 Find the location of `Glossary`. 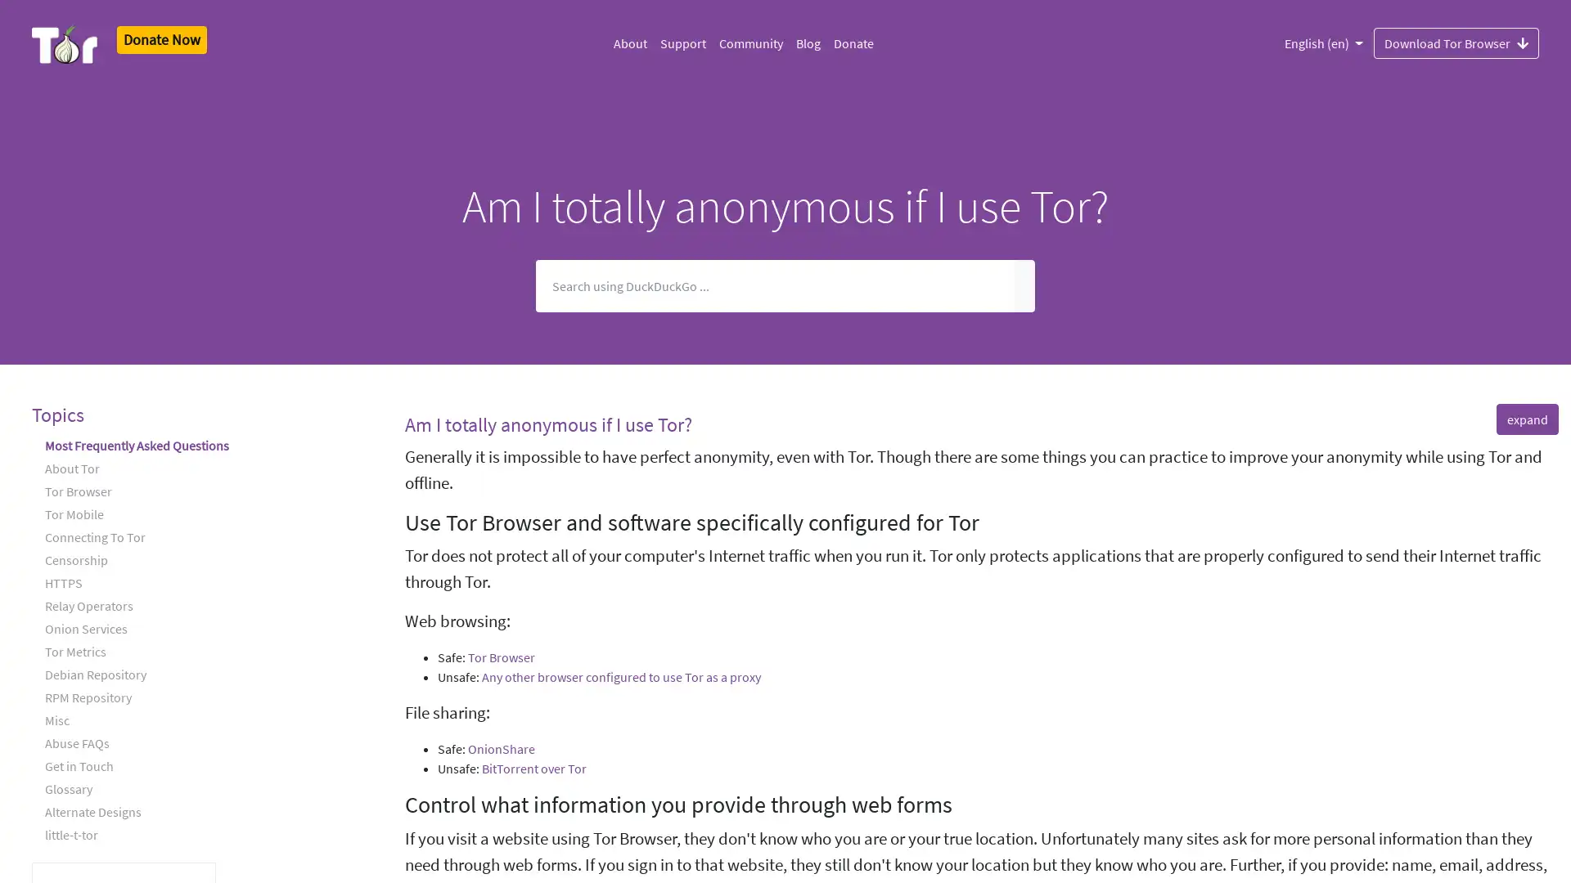

Glossary is located at coordinates (202, 787).